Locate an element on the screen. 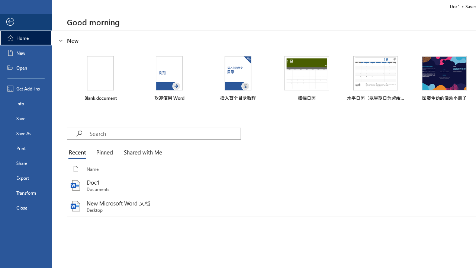  'Blank document' is located at coordinates (100, 79).